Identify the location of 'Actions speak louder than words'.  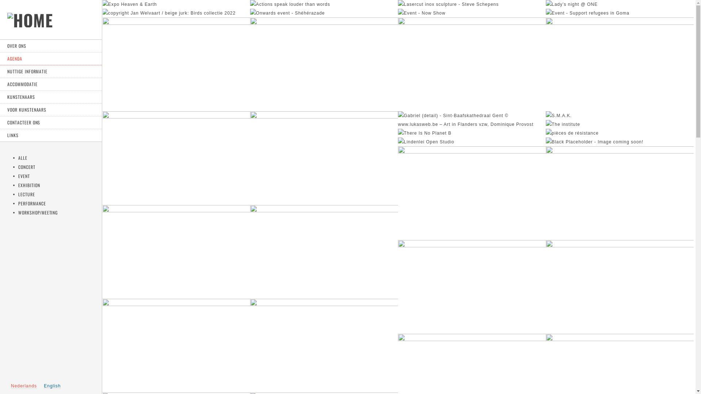
(290, 4).